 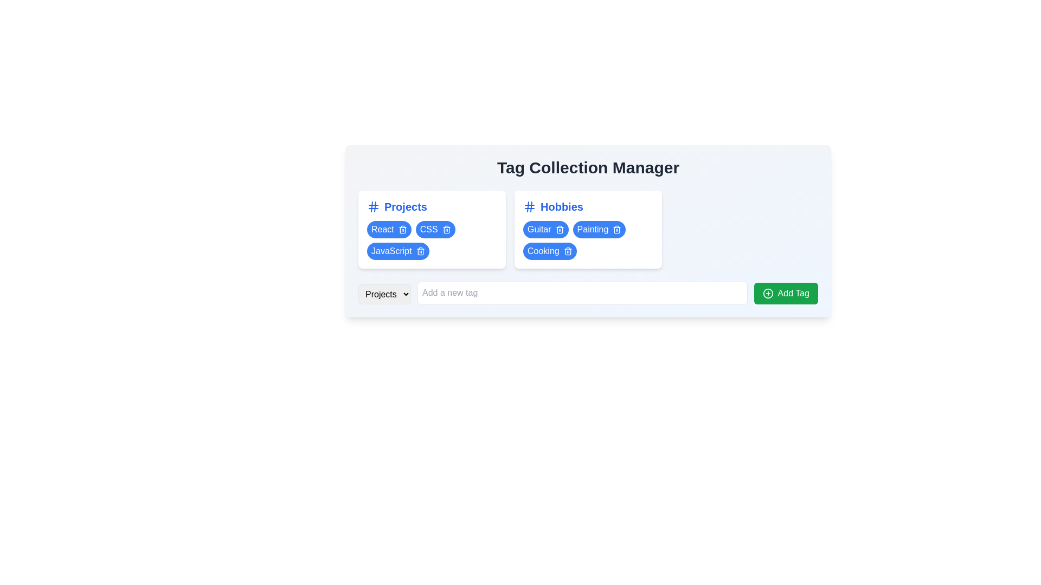 I want to click on the green button labeled 'Add Tag' which contains a circular icon with a plus sign, so click(x=767, y=294).